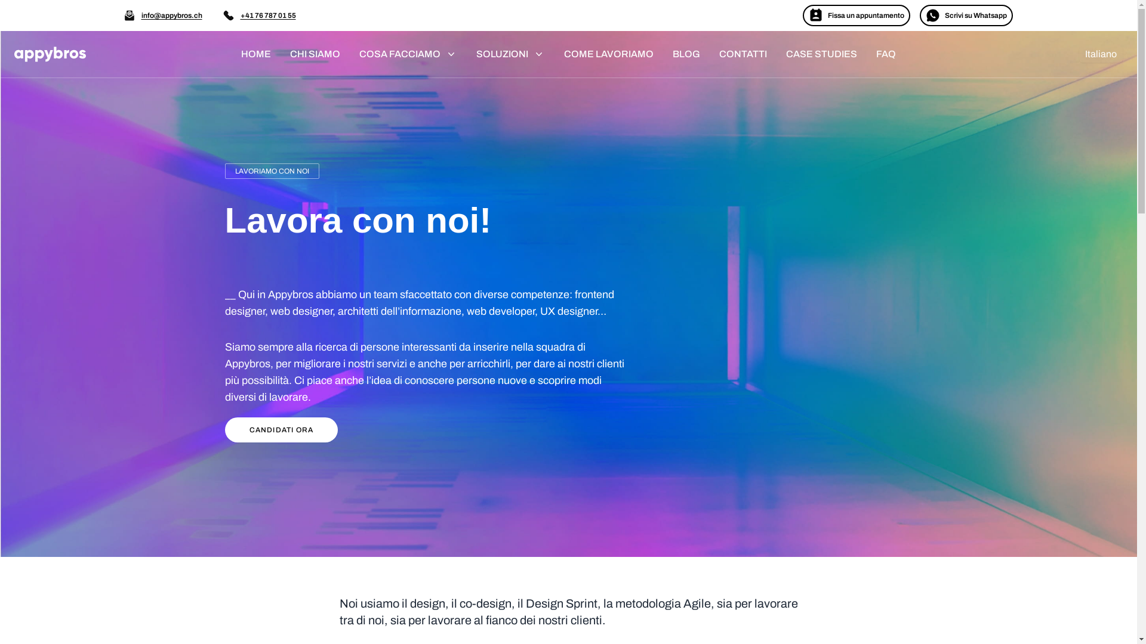 This screenshot has height=644, width=1146. Describe the element at coordinates (232, 54) in the screenshot. I see `'HOME'` at that location.